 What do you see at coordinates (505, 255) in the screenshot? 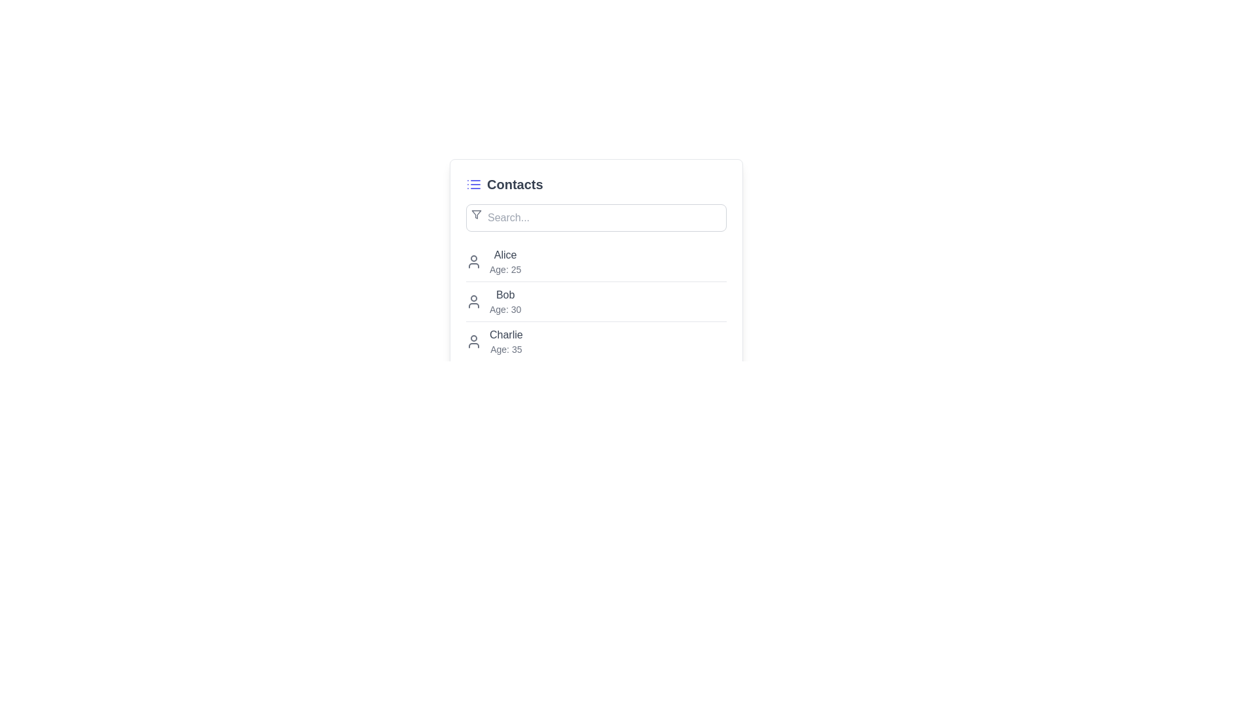
I see `the static text label displaying 'Alice' in gray font, which is part of the contact list and located at the top of the interface` at bounding box center [505, 255].